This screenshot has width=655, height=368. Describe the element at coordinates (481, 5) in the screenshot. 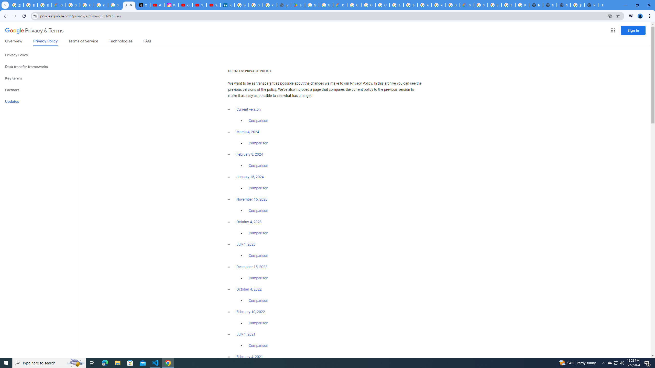

I see `'Google Cloud Platform'` at that location.